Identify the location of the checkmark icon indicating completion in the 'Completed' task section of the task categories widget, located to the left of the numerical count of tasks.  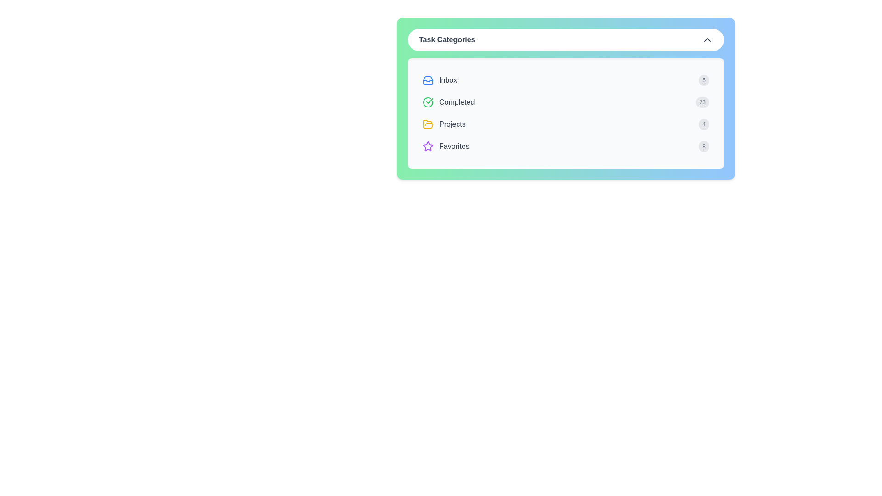
(429, 101).